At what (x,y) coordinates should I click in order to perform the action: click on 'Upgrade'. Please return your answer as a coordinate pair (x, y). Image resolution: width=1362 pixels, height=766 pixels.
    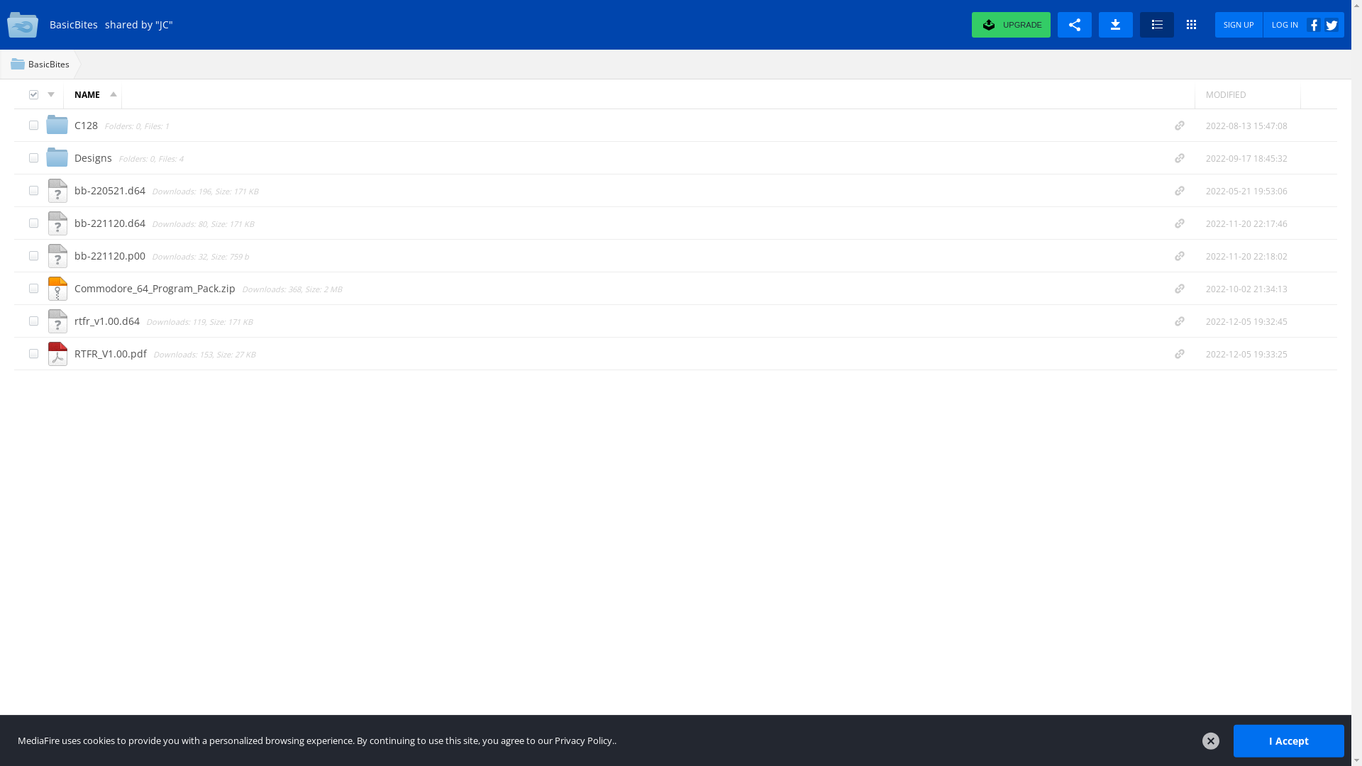
    Looking at the image, I should click on (997, 24).